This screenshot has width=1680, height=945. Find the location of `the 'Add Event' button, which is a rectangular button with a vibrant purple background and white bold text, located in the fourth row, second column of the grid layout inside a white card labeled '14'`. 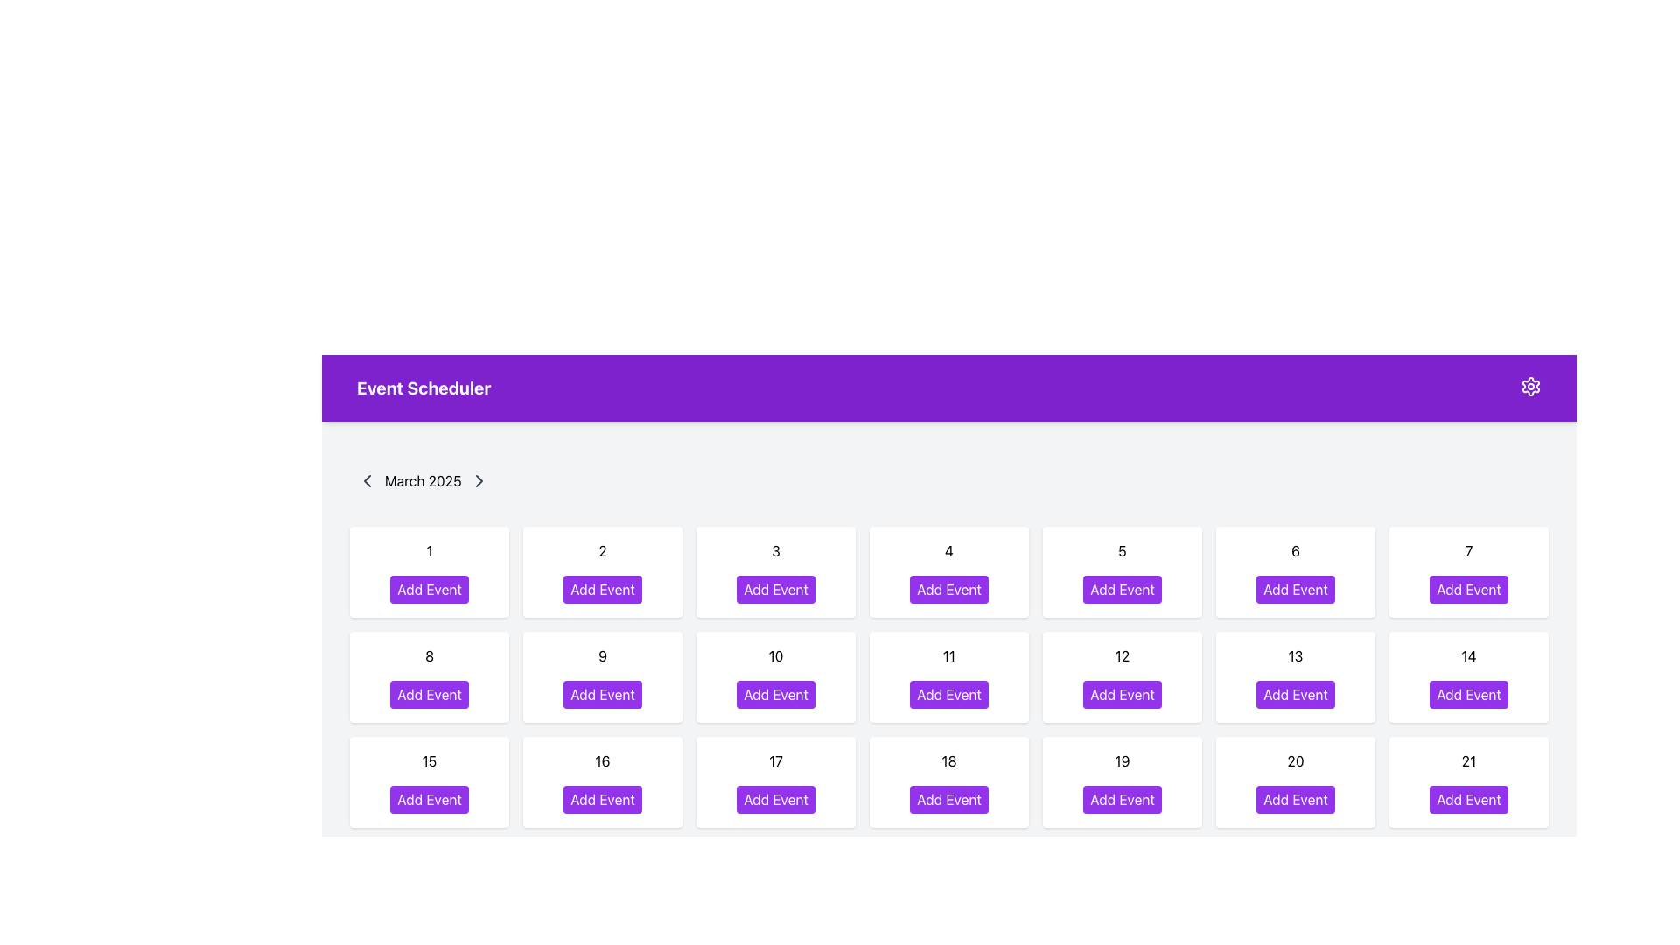

the 'Add Event' button, which is a rectangular button with a vibrant purple background and white bold text, located in the fourth row, second column of the grid layout inside a white card labeled '14' is located at coordinates (1469, 694).